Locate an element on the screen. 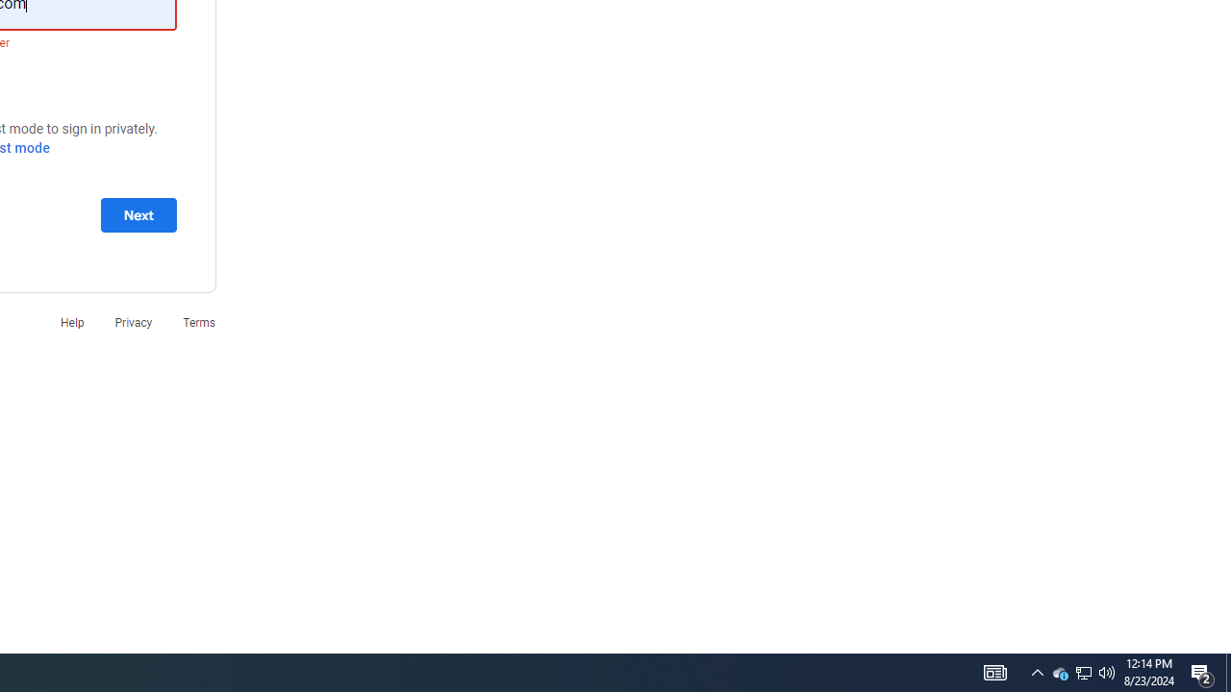 This screenshot has height=692, width=1231. 'Next' is located at coordinates (138, 214).